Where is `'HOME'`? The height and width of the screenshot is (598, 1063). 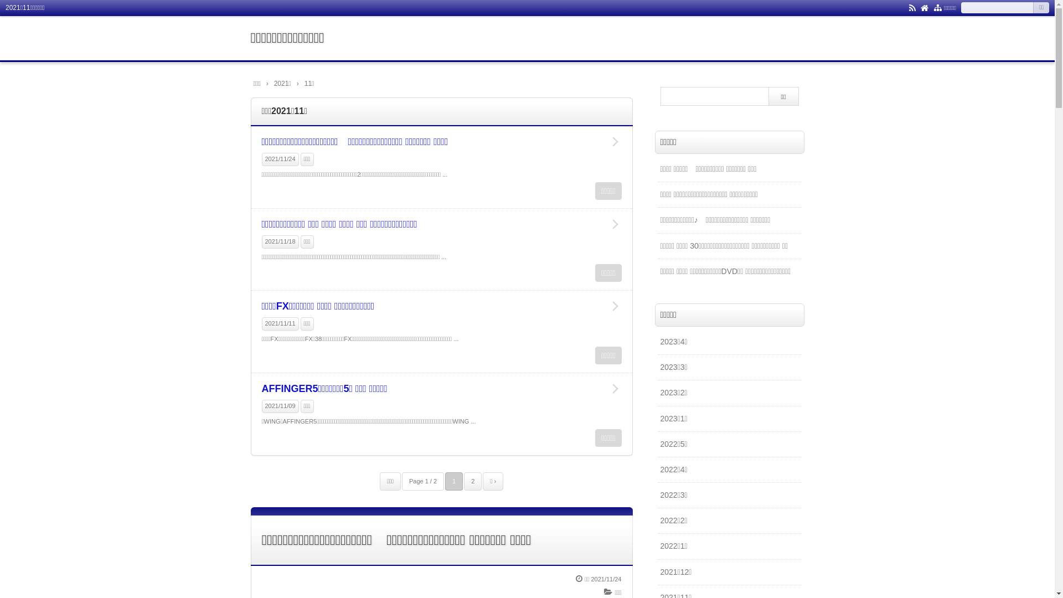 'HOME' is located at coordinates (925, 7).